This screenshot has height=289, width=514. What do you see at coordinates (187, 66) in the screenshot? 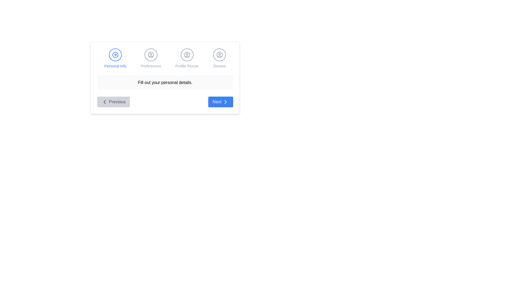
I see `the 'Profile Picture' text label which is displayed in gray color and appears beneath the circular avatar icon in the profile section of the multi-step form header` at bounding box center [187, 66].